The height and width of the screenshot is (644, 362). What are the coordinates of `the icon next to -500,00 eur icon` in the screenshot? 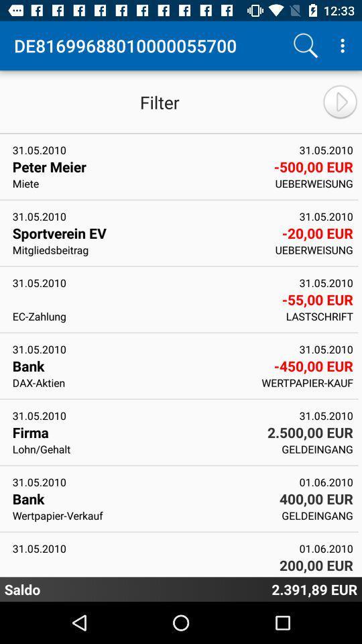 It's located at (139, 182).